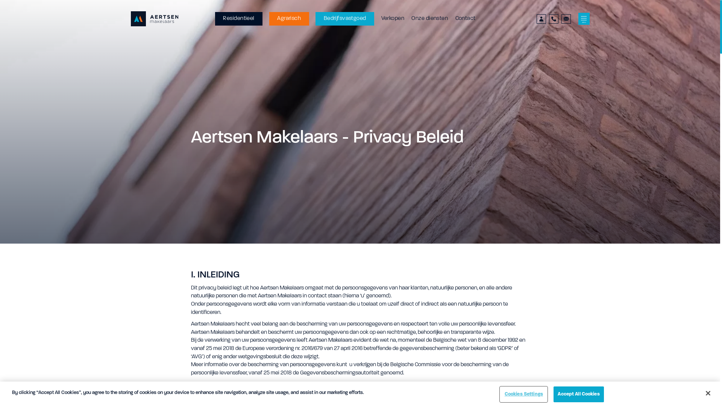  I want to click on 'Accept All Cookies', so click(578, 394).